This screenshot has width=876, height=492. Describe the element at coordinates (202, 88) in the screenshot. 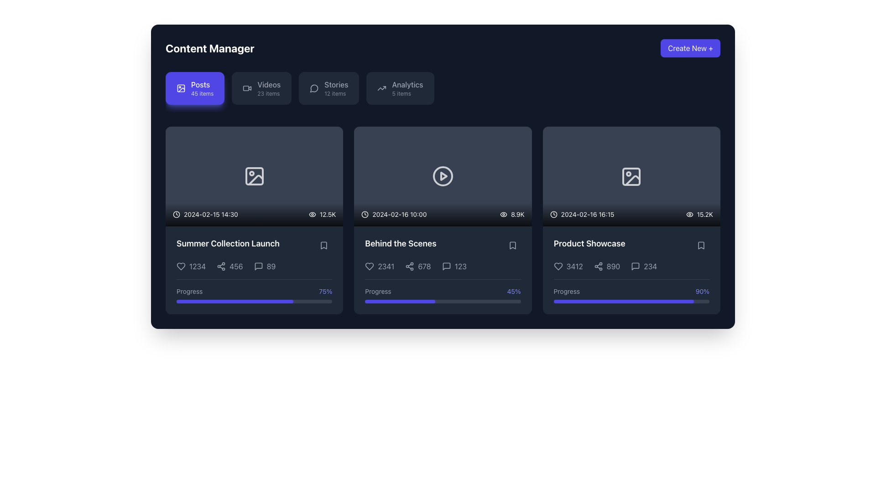

I see `the metadata display for the 'Posts' category, which shows a count of 45 items, located in the upper-left area of the interface, inside the first rectangular button of a horizontal menu` at that location.